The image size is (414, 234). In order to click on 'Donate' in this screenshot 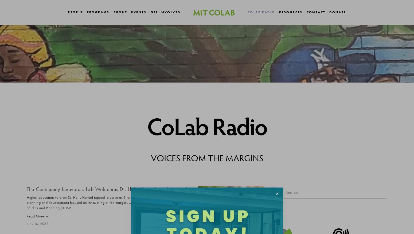, I will do `click(337, 12)`.